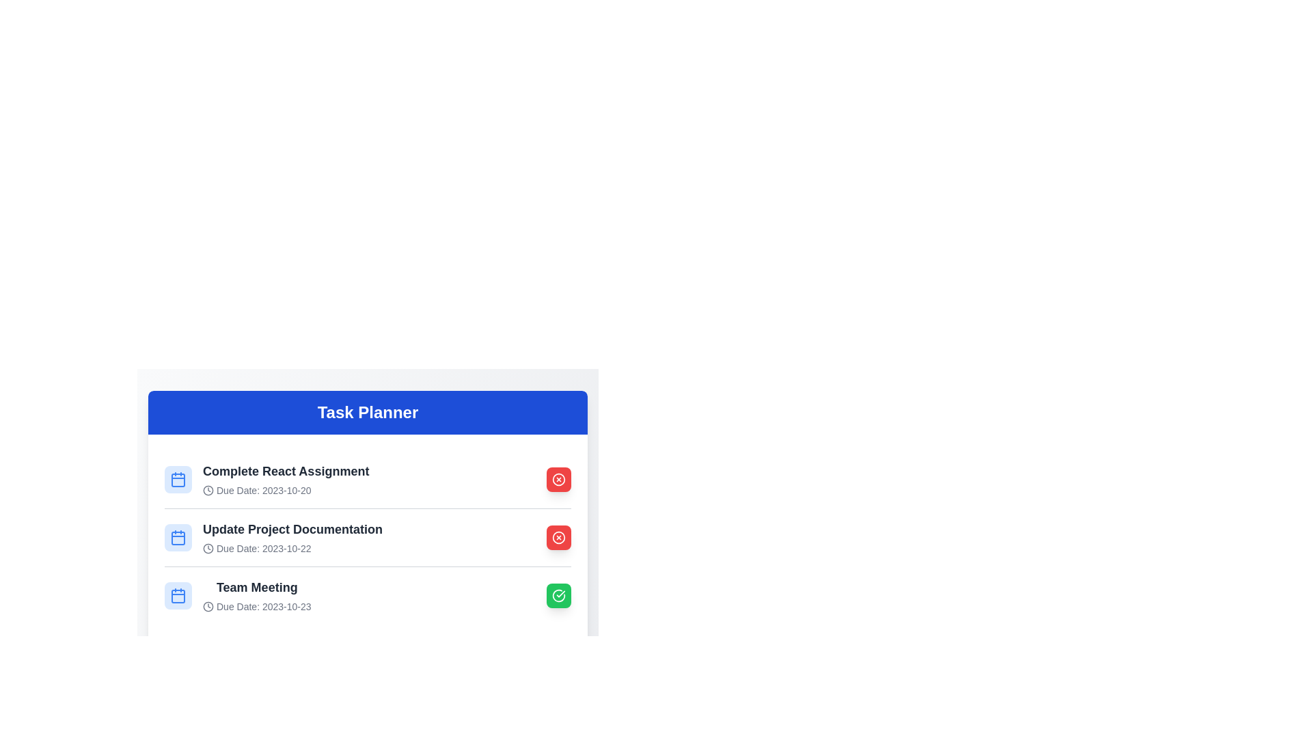 The image size is (1312, 738). Describe the element at coordinates (285, 479) in the screenshot. I see `the text display element that provides an overview of a task, including its title and due date, located in the first row of the task list under the 'Task Planner' section, to the right of a blue square calendar icon` at that location.